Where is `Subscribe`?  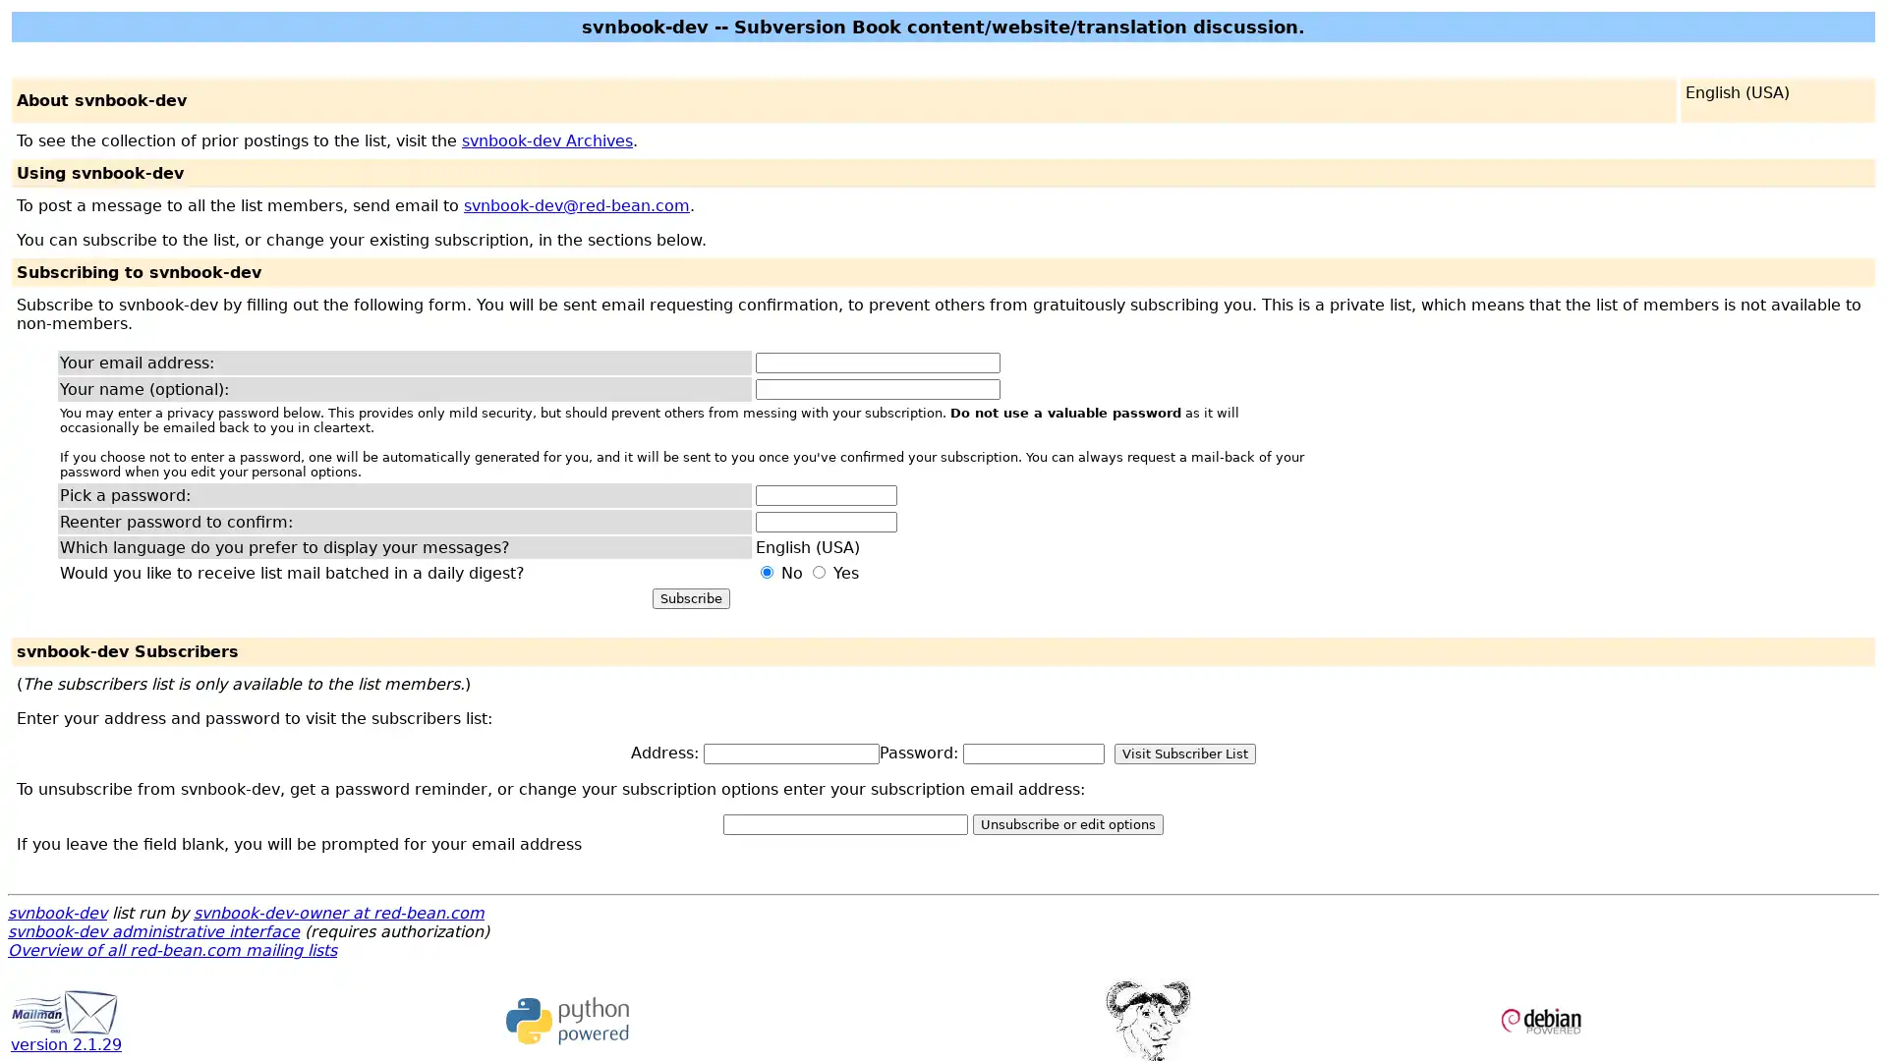
Subscribe is located at coordinates (690, 597).